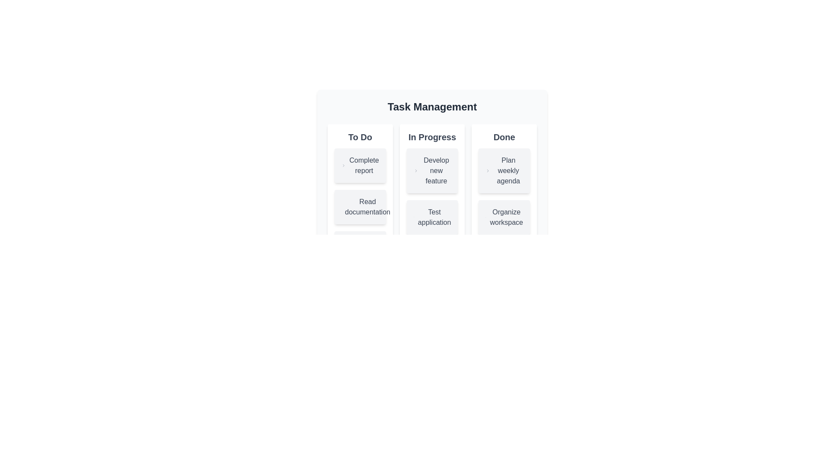 The image size is (830, 466). What do you see at coordinates (360, 207) in the screenshot?
I see `the second button in the 'To Do' list of the 'Task Management' interface` at bounding box center [360, 207].